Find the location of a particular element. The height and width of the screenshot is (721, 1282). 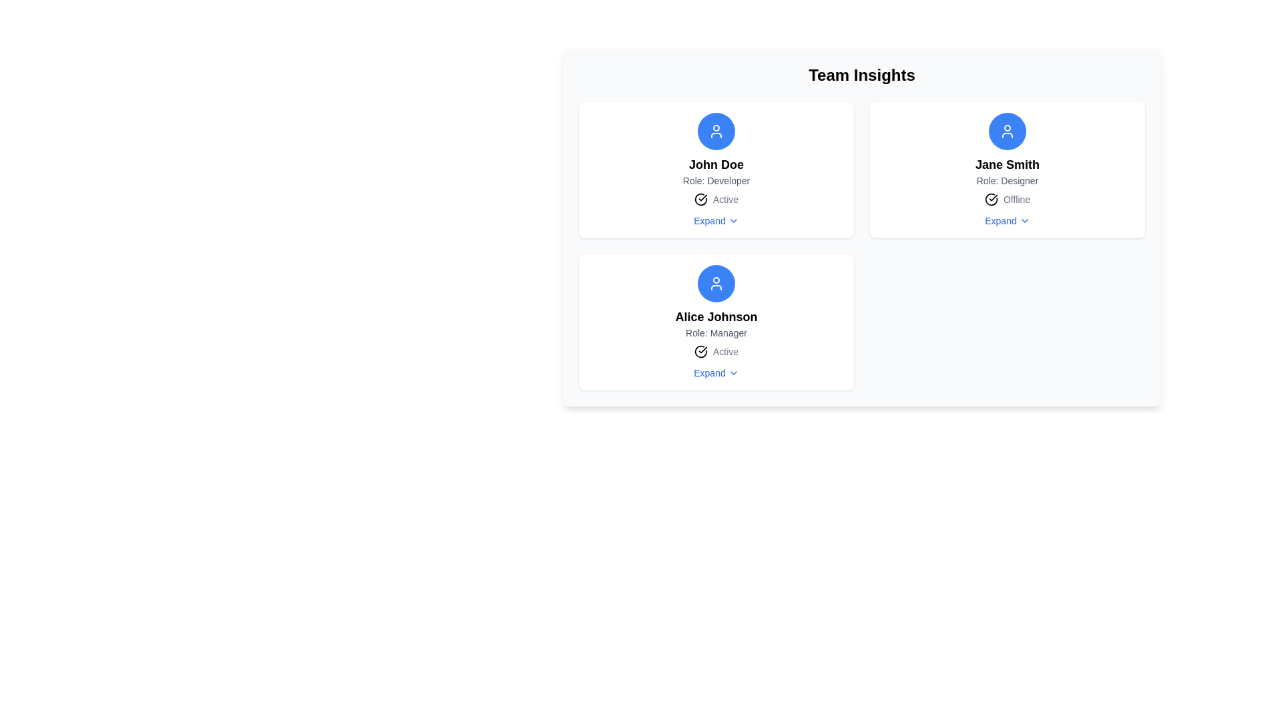

the text label displaying the name 'Jane Smith' located in the upper area of the third profile card from the left in the Team Insights section is located at coordinates (1007, 164).